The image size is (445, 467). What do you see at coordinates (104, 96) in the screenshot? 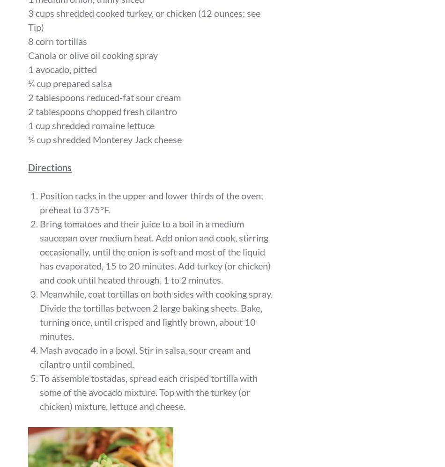
I see `'2 tablespoons reduced-fat sour cream'` at bounding box center [104, 96].